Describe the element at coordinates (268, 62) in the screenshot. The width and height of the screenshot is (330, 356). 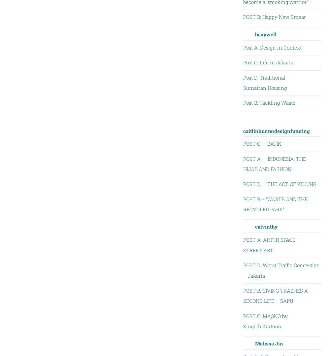
I see `'Post C: Life in Jakarta'` at that location.